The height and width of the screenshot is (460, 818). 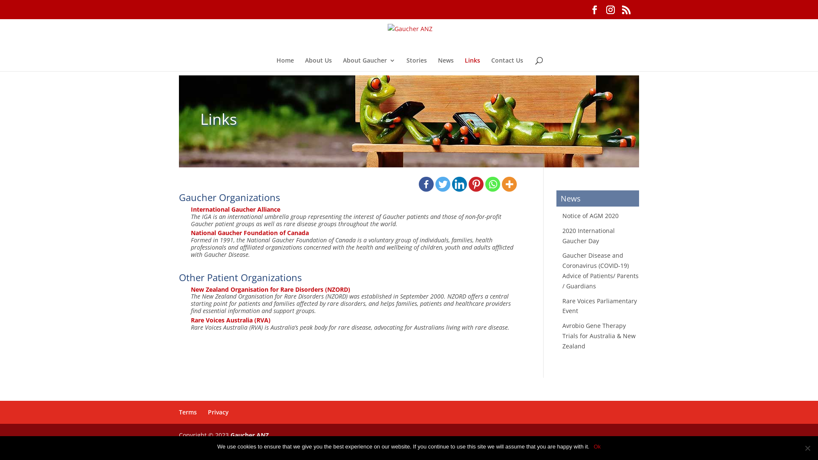 I want to click on 'Contact Us', so click(x=507, y=63).